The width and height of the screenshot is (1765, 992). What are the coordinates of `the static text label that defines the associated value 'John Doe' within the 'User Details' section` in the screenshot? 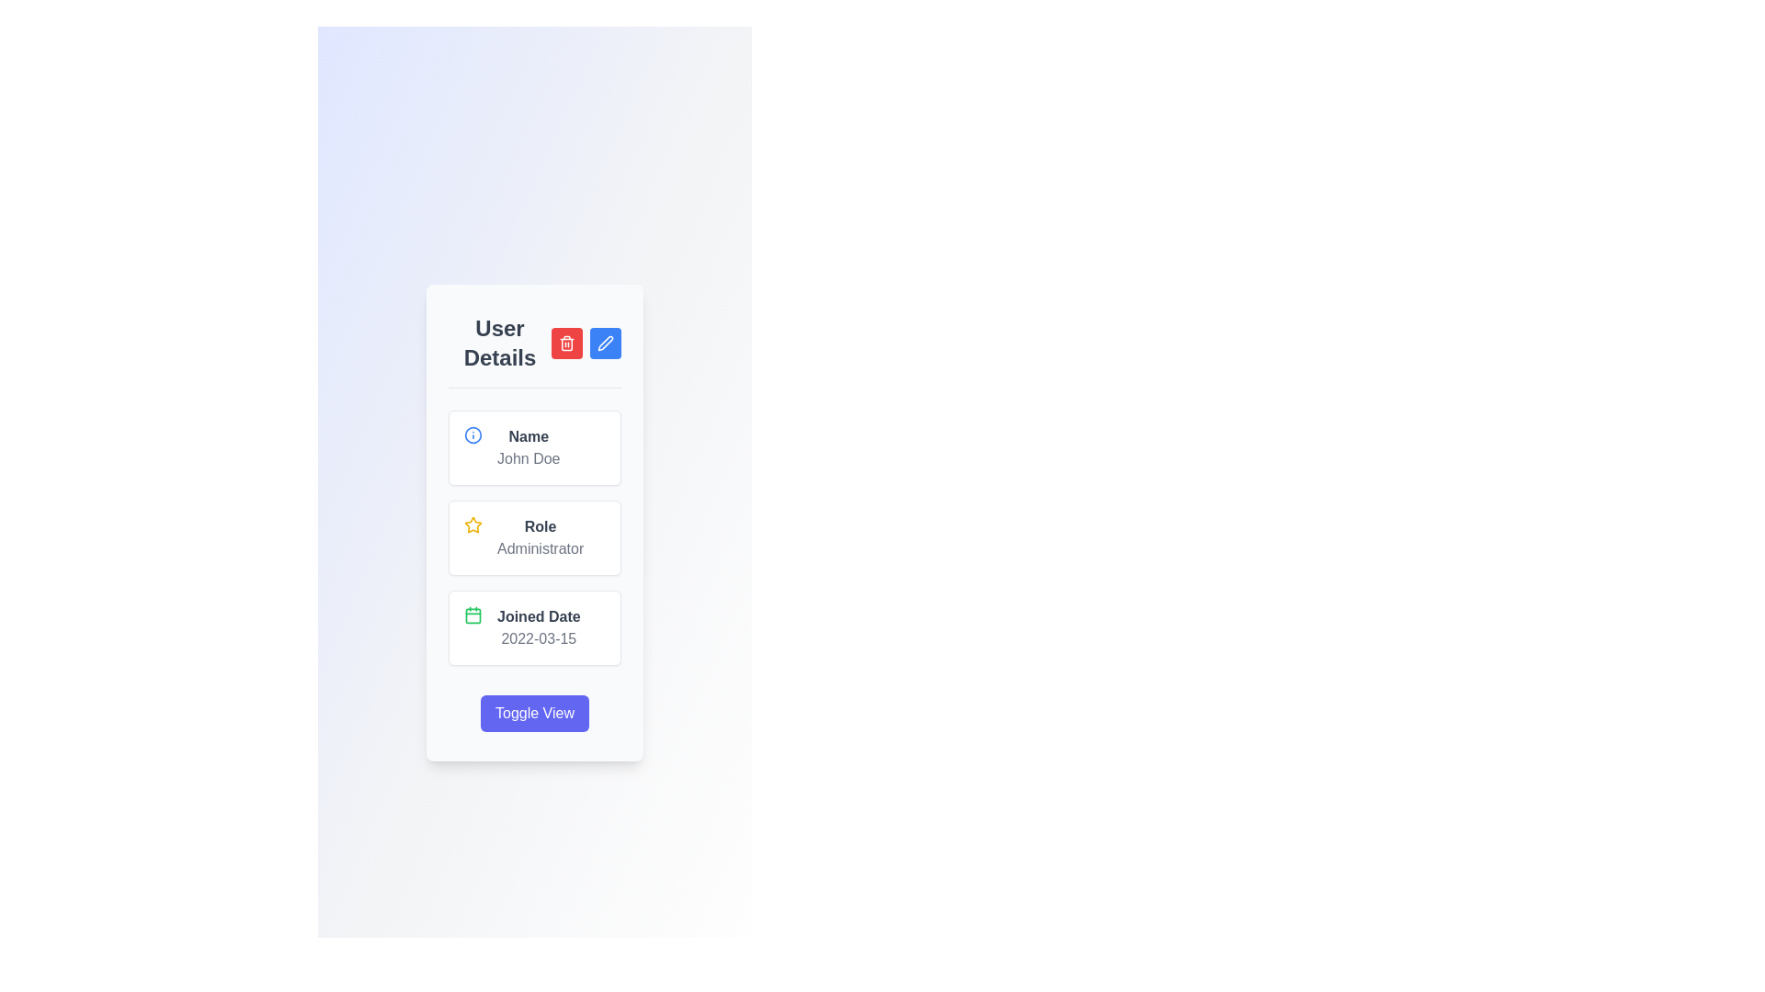 It's located at (528, 436).